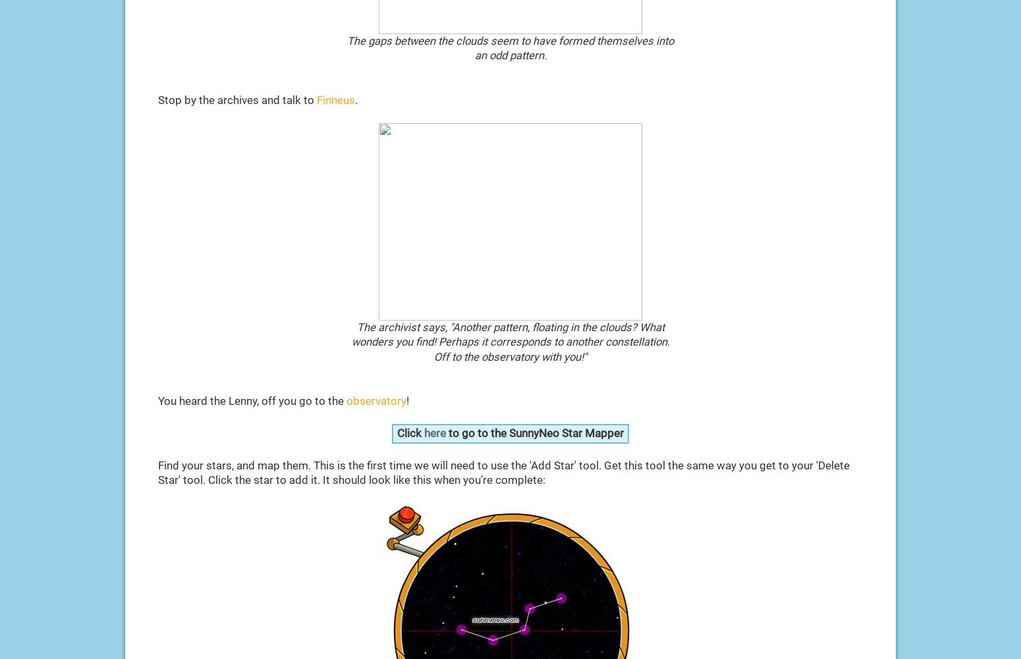 This screenshot has height=659, width=1021. Describe the element at coordinates (510, 327) in the screenshot. I see `'The archivist says, "Another pattern, floating in the clouds? What'` at that location.